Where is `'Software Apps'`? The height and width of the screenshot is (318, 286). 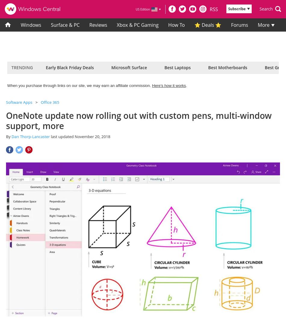 'Software Apps' is located at coordinates (19, 102).